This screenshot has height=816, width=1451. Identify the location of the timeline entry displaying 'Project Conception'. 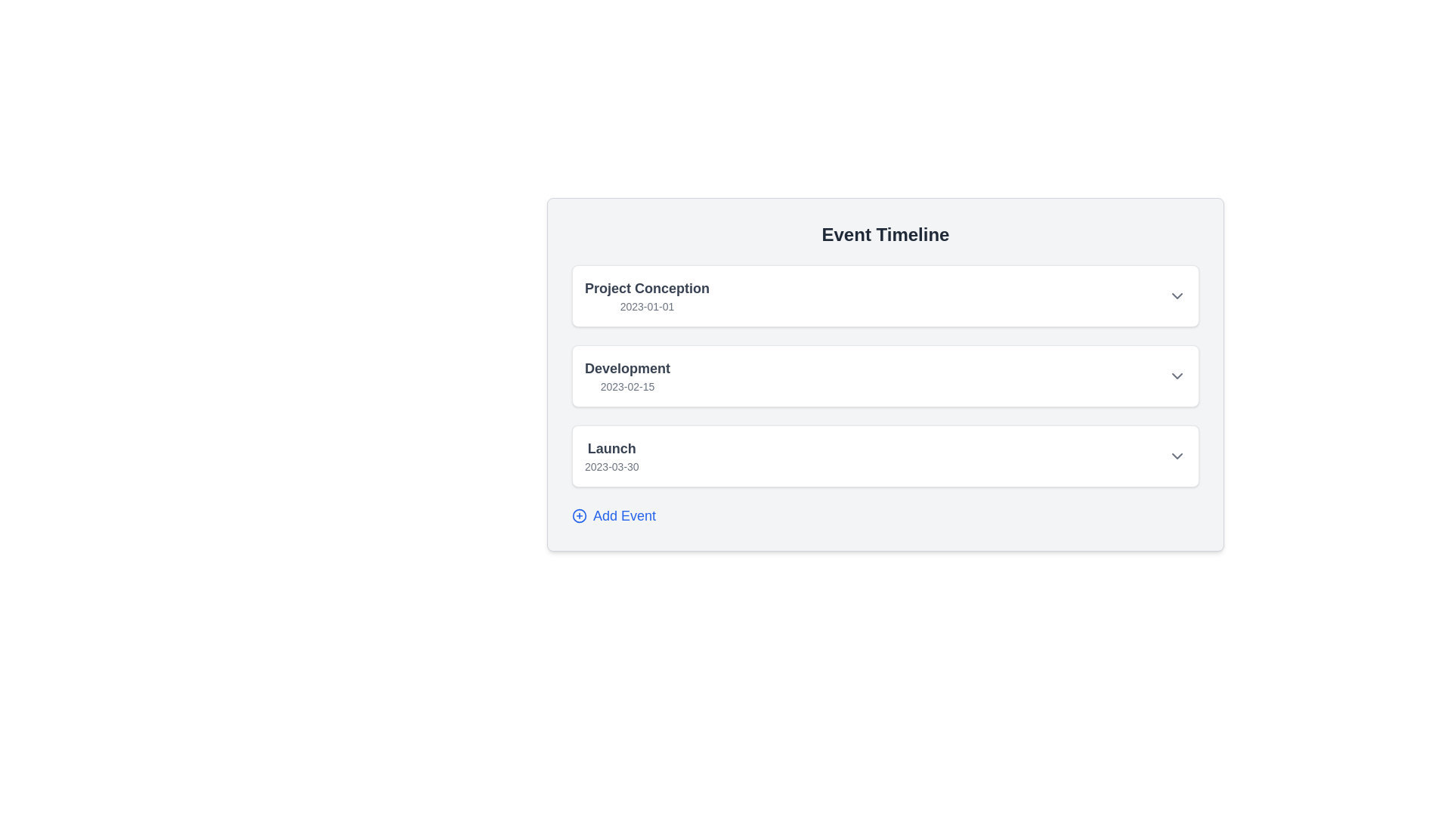
(647, 296).